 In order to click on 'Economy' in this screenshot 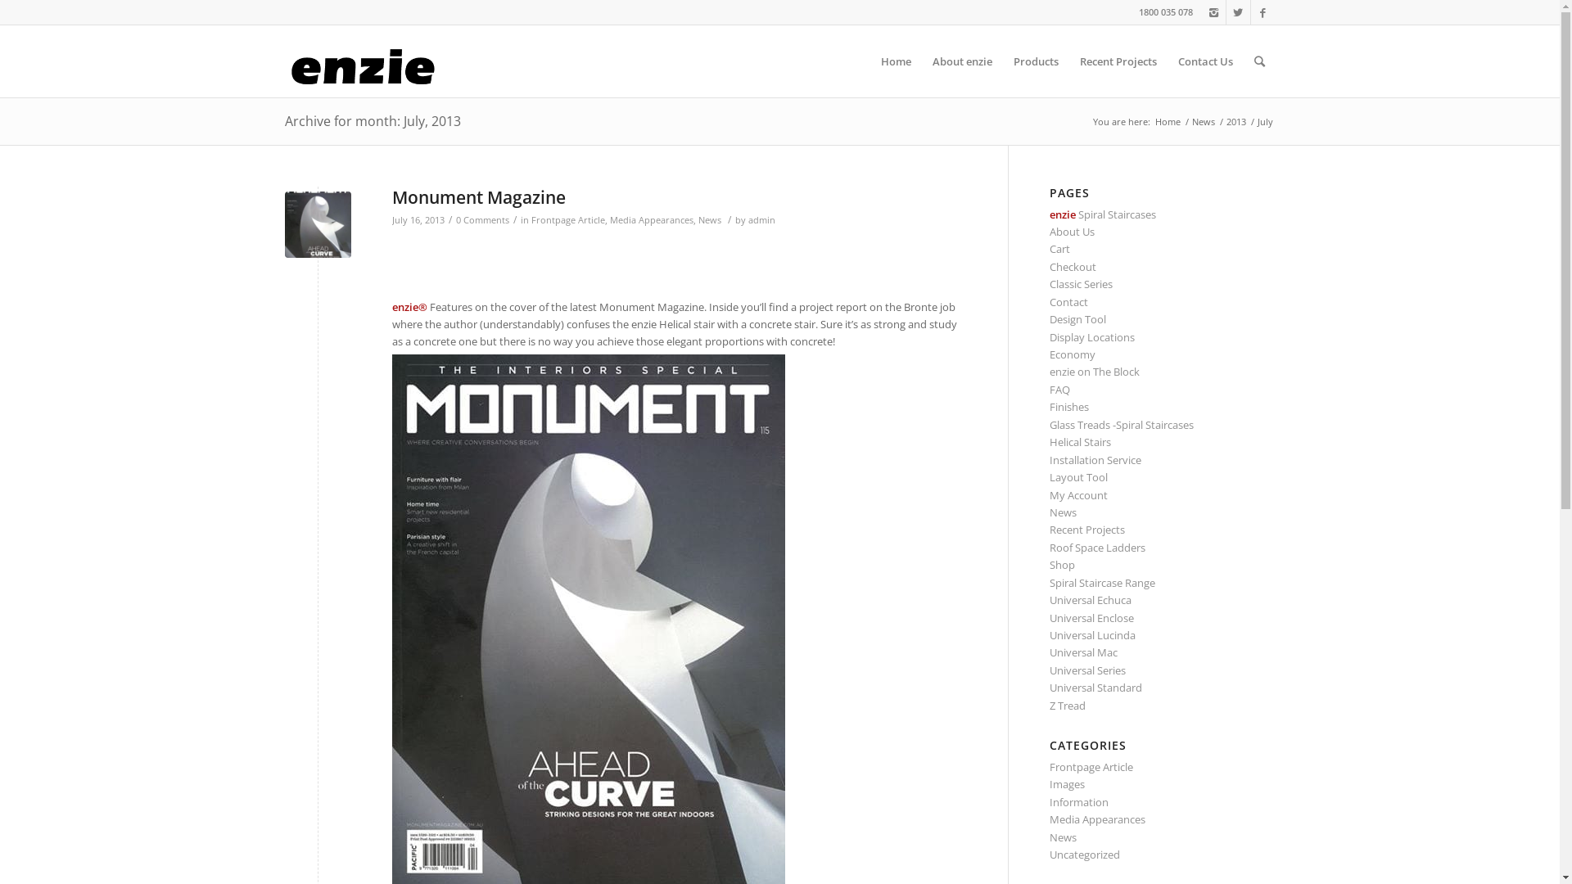, I will do `click(1049, 353)`.